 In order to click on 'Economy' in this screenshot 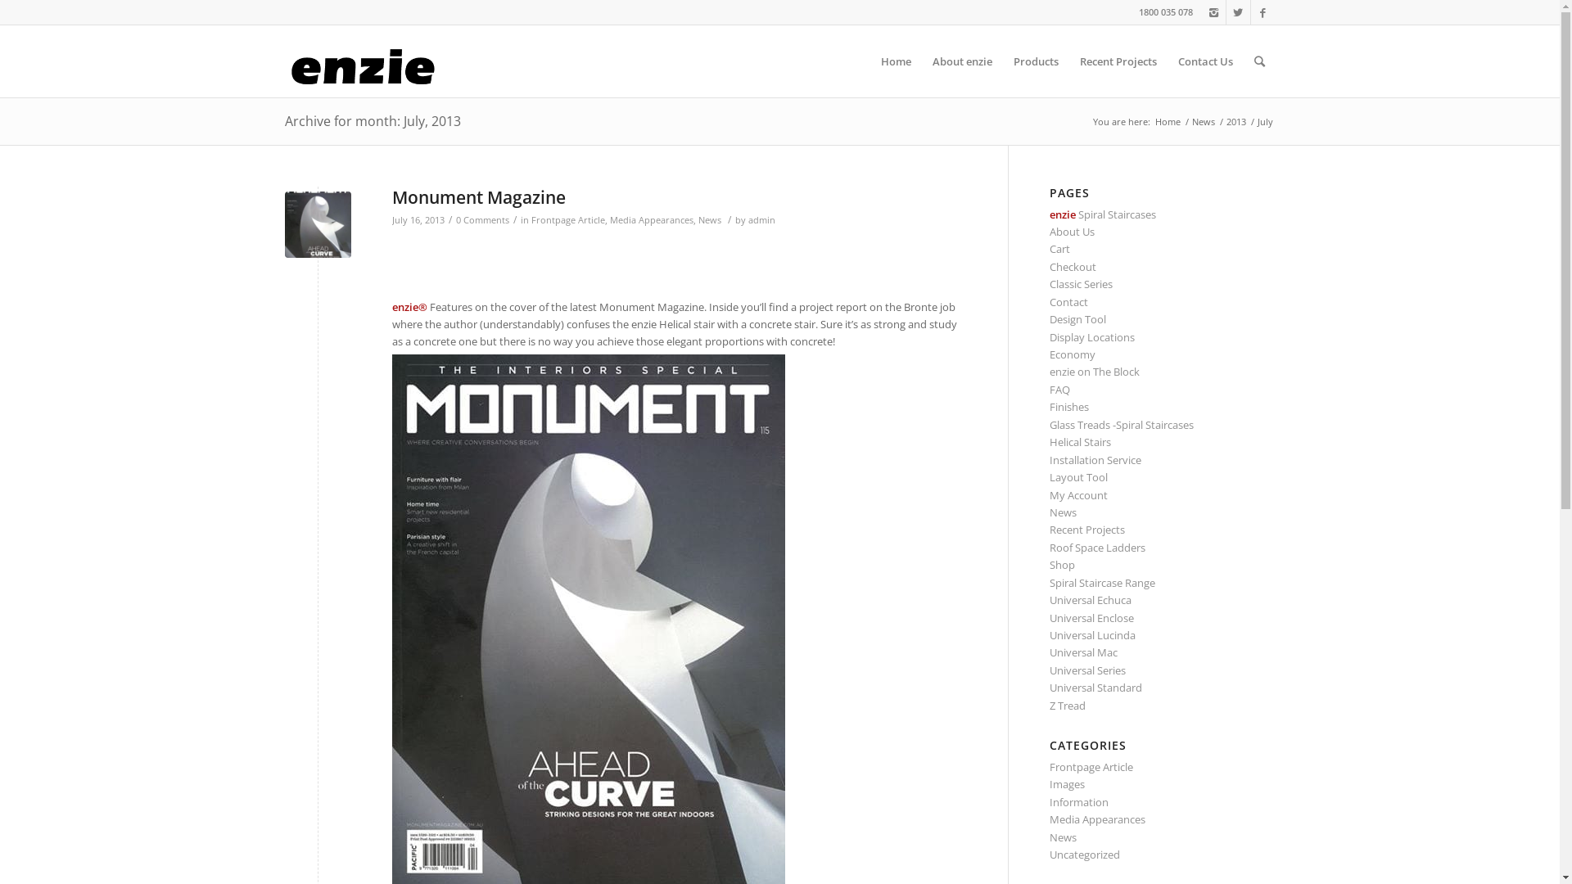, I will do `click(1049, 353)`.